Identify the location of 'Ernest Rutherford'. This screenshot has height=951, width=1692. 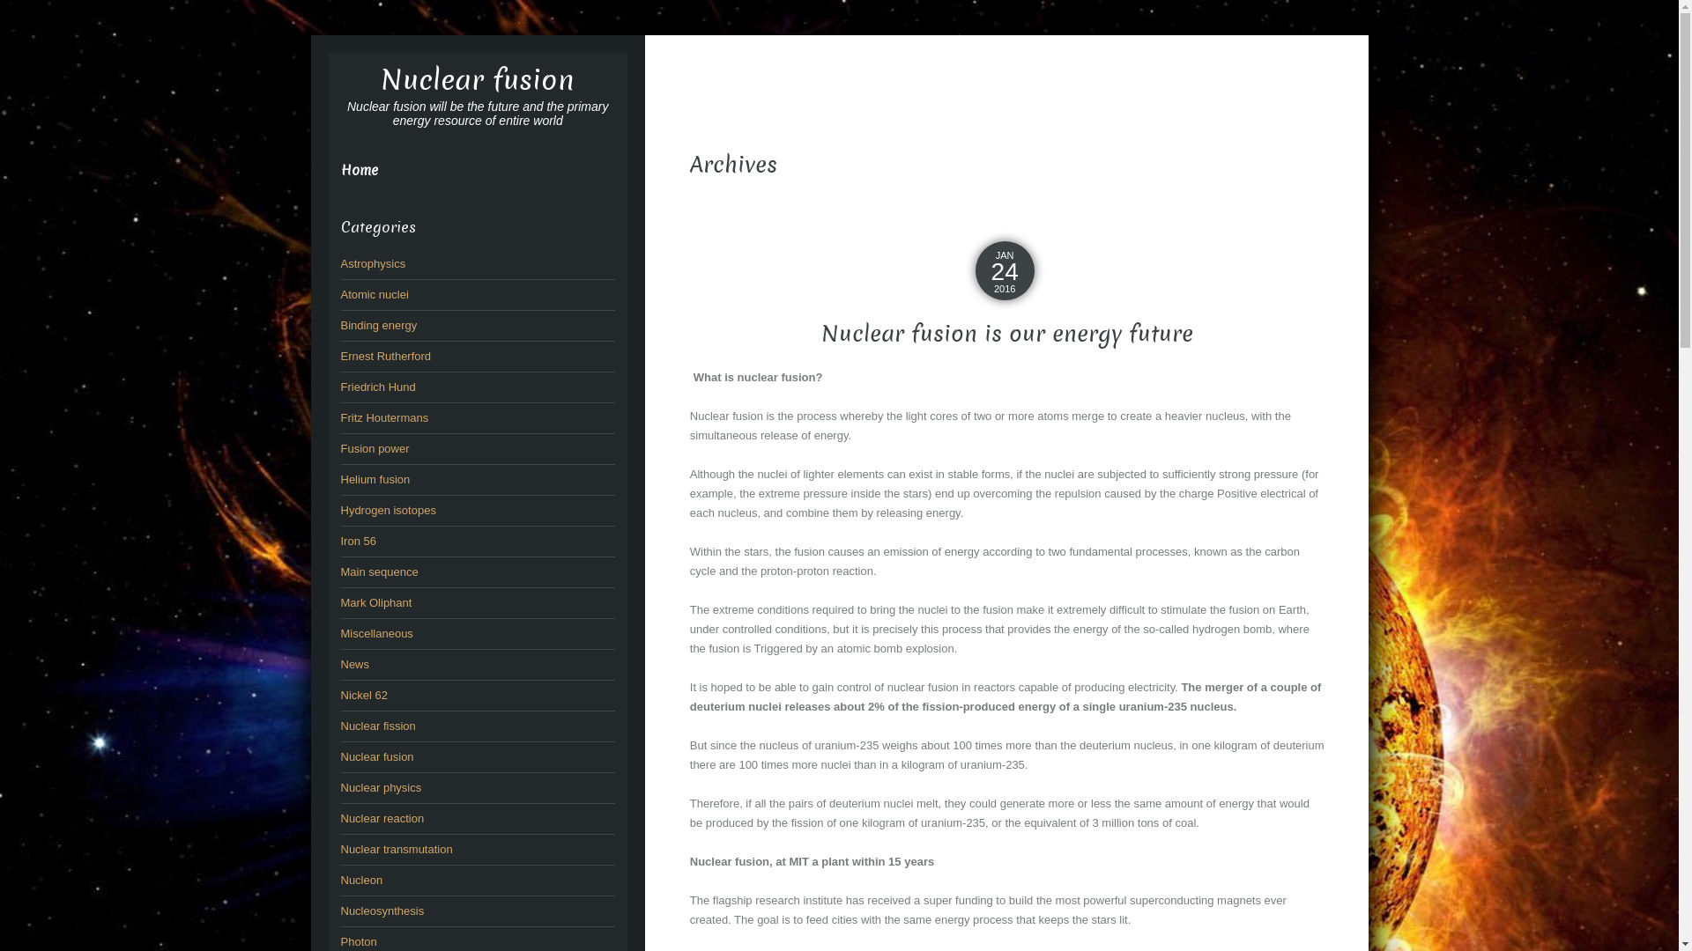
(384, 356).